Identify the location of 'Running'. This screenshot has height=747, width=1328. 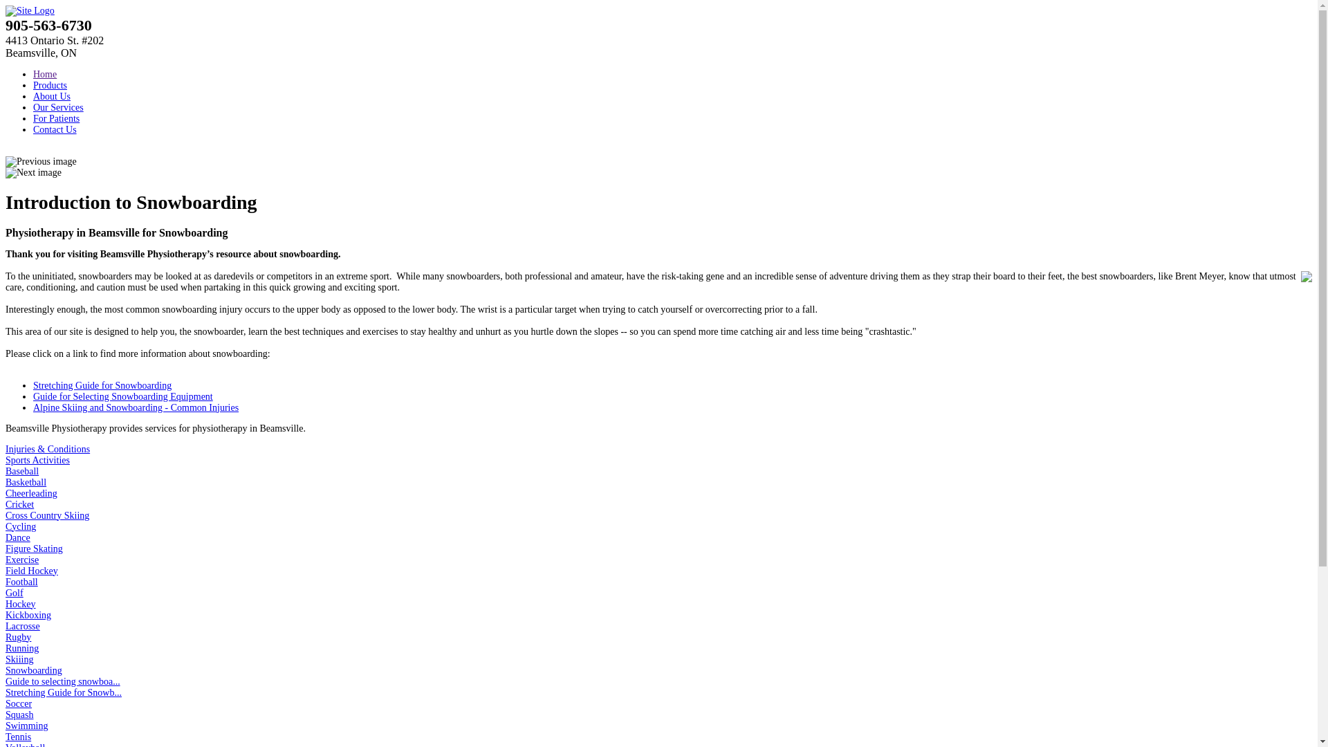
(22, 648).